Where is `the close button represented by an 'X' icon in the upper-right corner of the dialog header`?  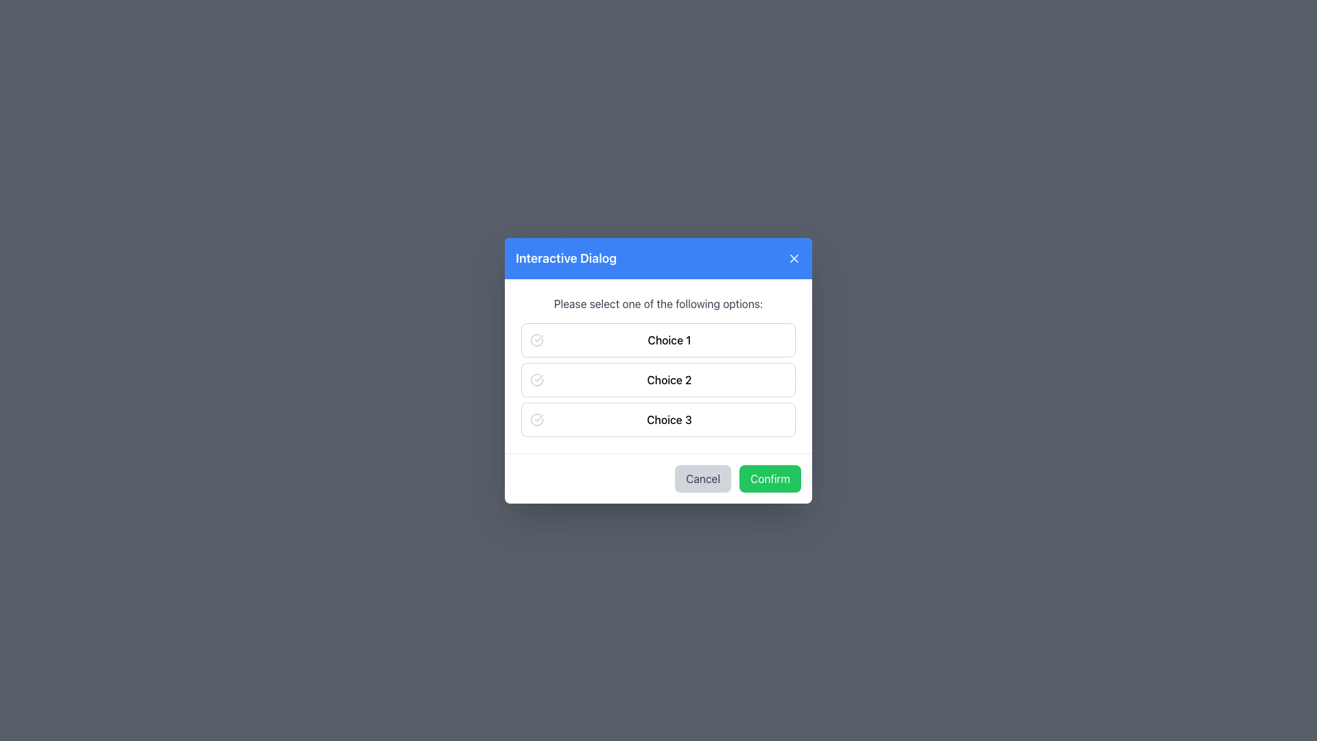 the close button represented by an 'X' icon in the upper-right corner of the dialog header is located at coordinates (794, 258).